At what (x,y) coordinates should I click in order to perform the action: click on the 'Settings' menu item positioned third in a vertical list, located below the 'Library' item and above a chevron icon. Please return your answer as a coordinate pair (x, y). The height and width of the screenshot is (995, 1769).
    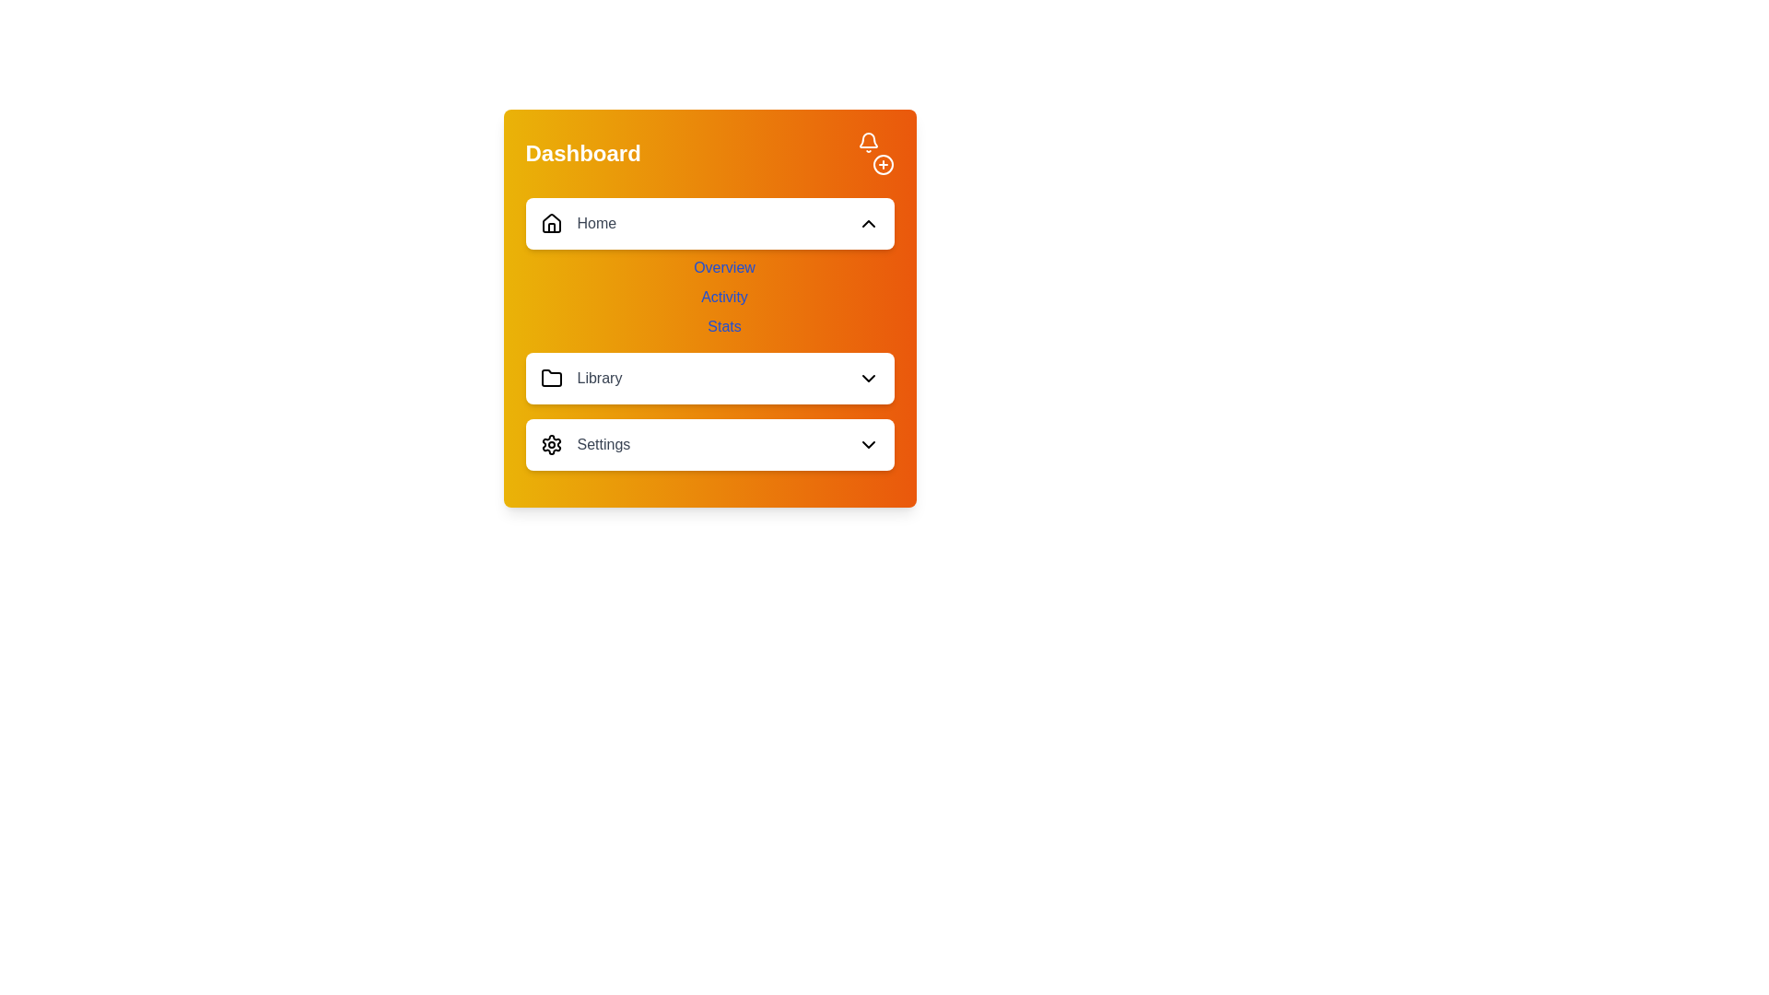
    Looking at the image, I should click on (584, 444).